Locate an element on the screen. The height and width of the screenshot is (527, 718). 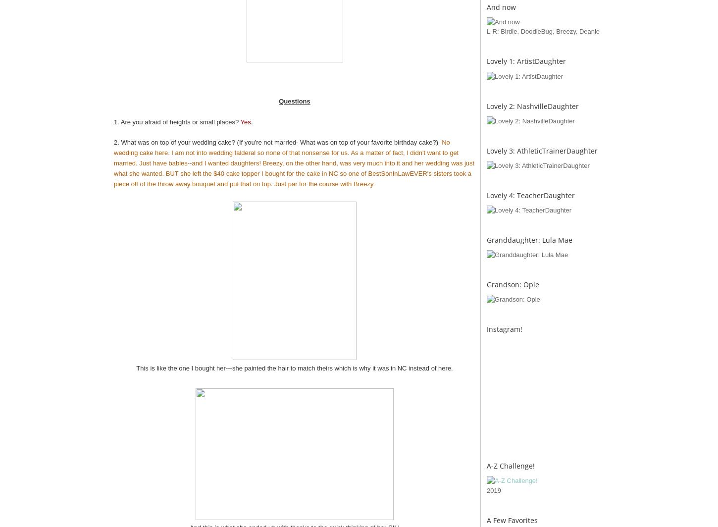
'Lovely 4: TeacherDaughter' is located at coordinates (530, 195).